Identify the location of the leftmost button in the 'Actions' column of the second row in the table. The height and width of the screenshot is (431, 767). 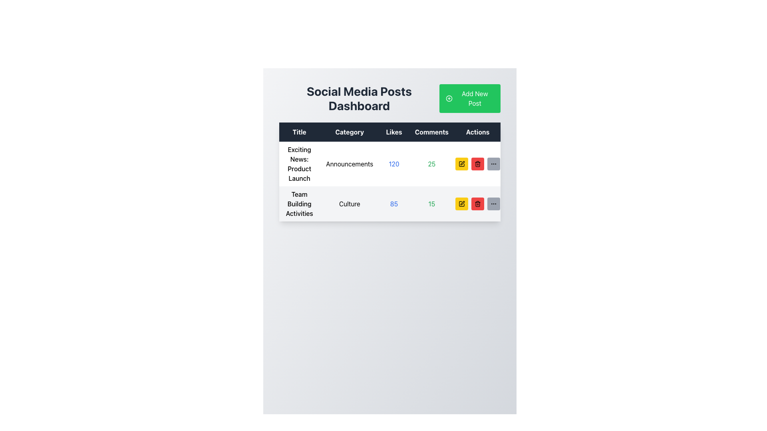
(462, 164).